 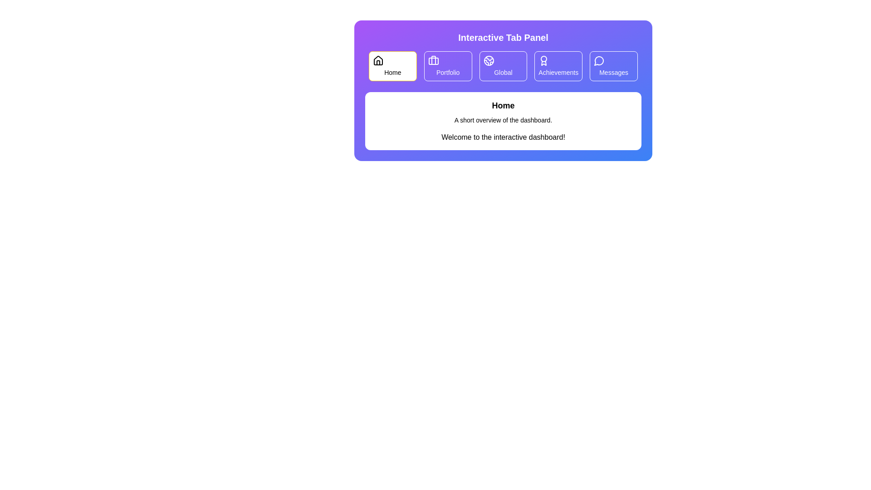 What do you see at coordinates (392, 66) in the screenshot?
I see `the first navigation tab located at the top section of the interface` at bounding box center [392, 66].